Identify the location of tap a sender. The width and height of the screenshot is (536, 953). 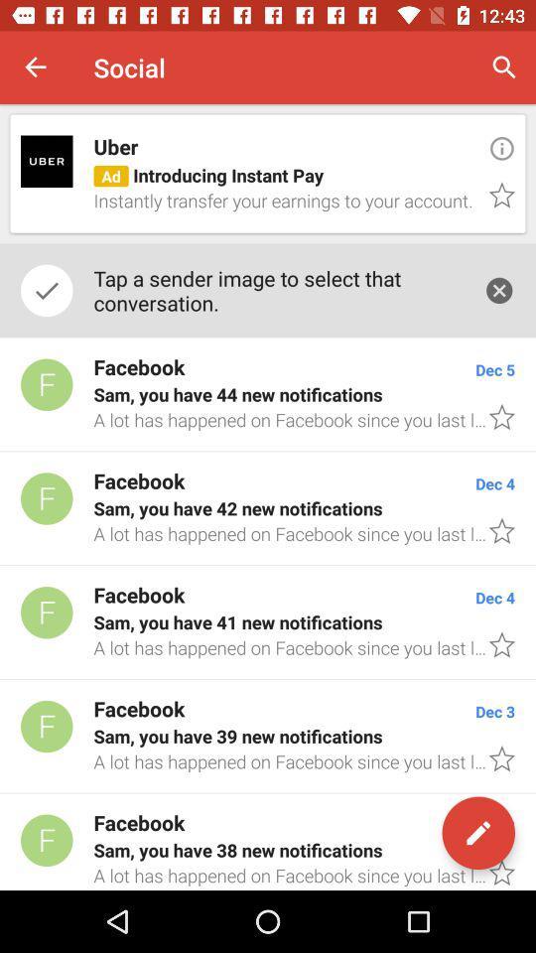
(277, 289).